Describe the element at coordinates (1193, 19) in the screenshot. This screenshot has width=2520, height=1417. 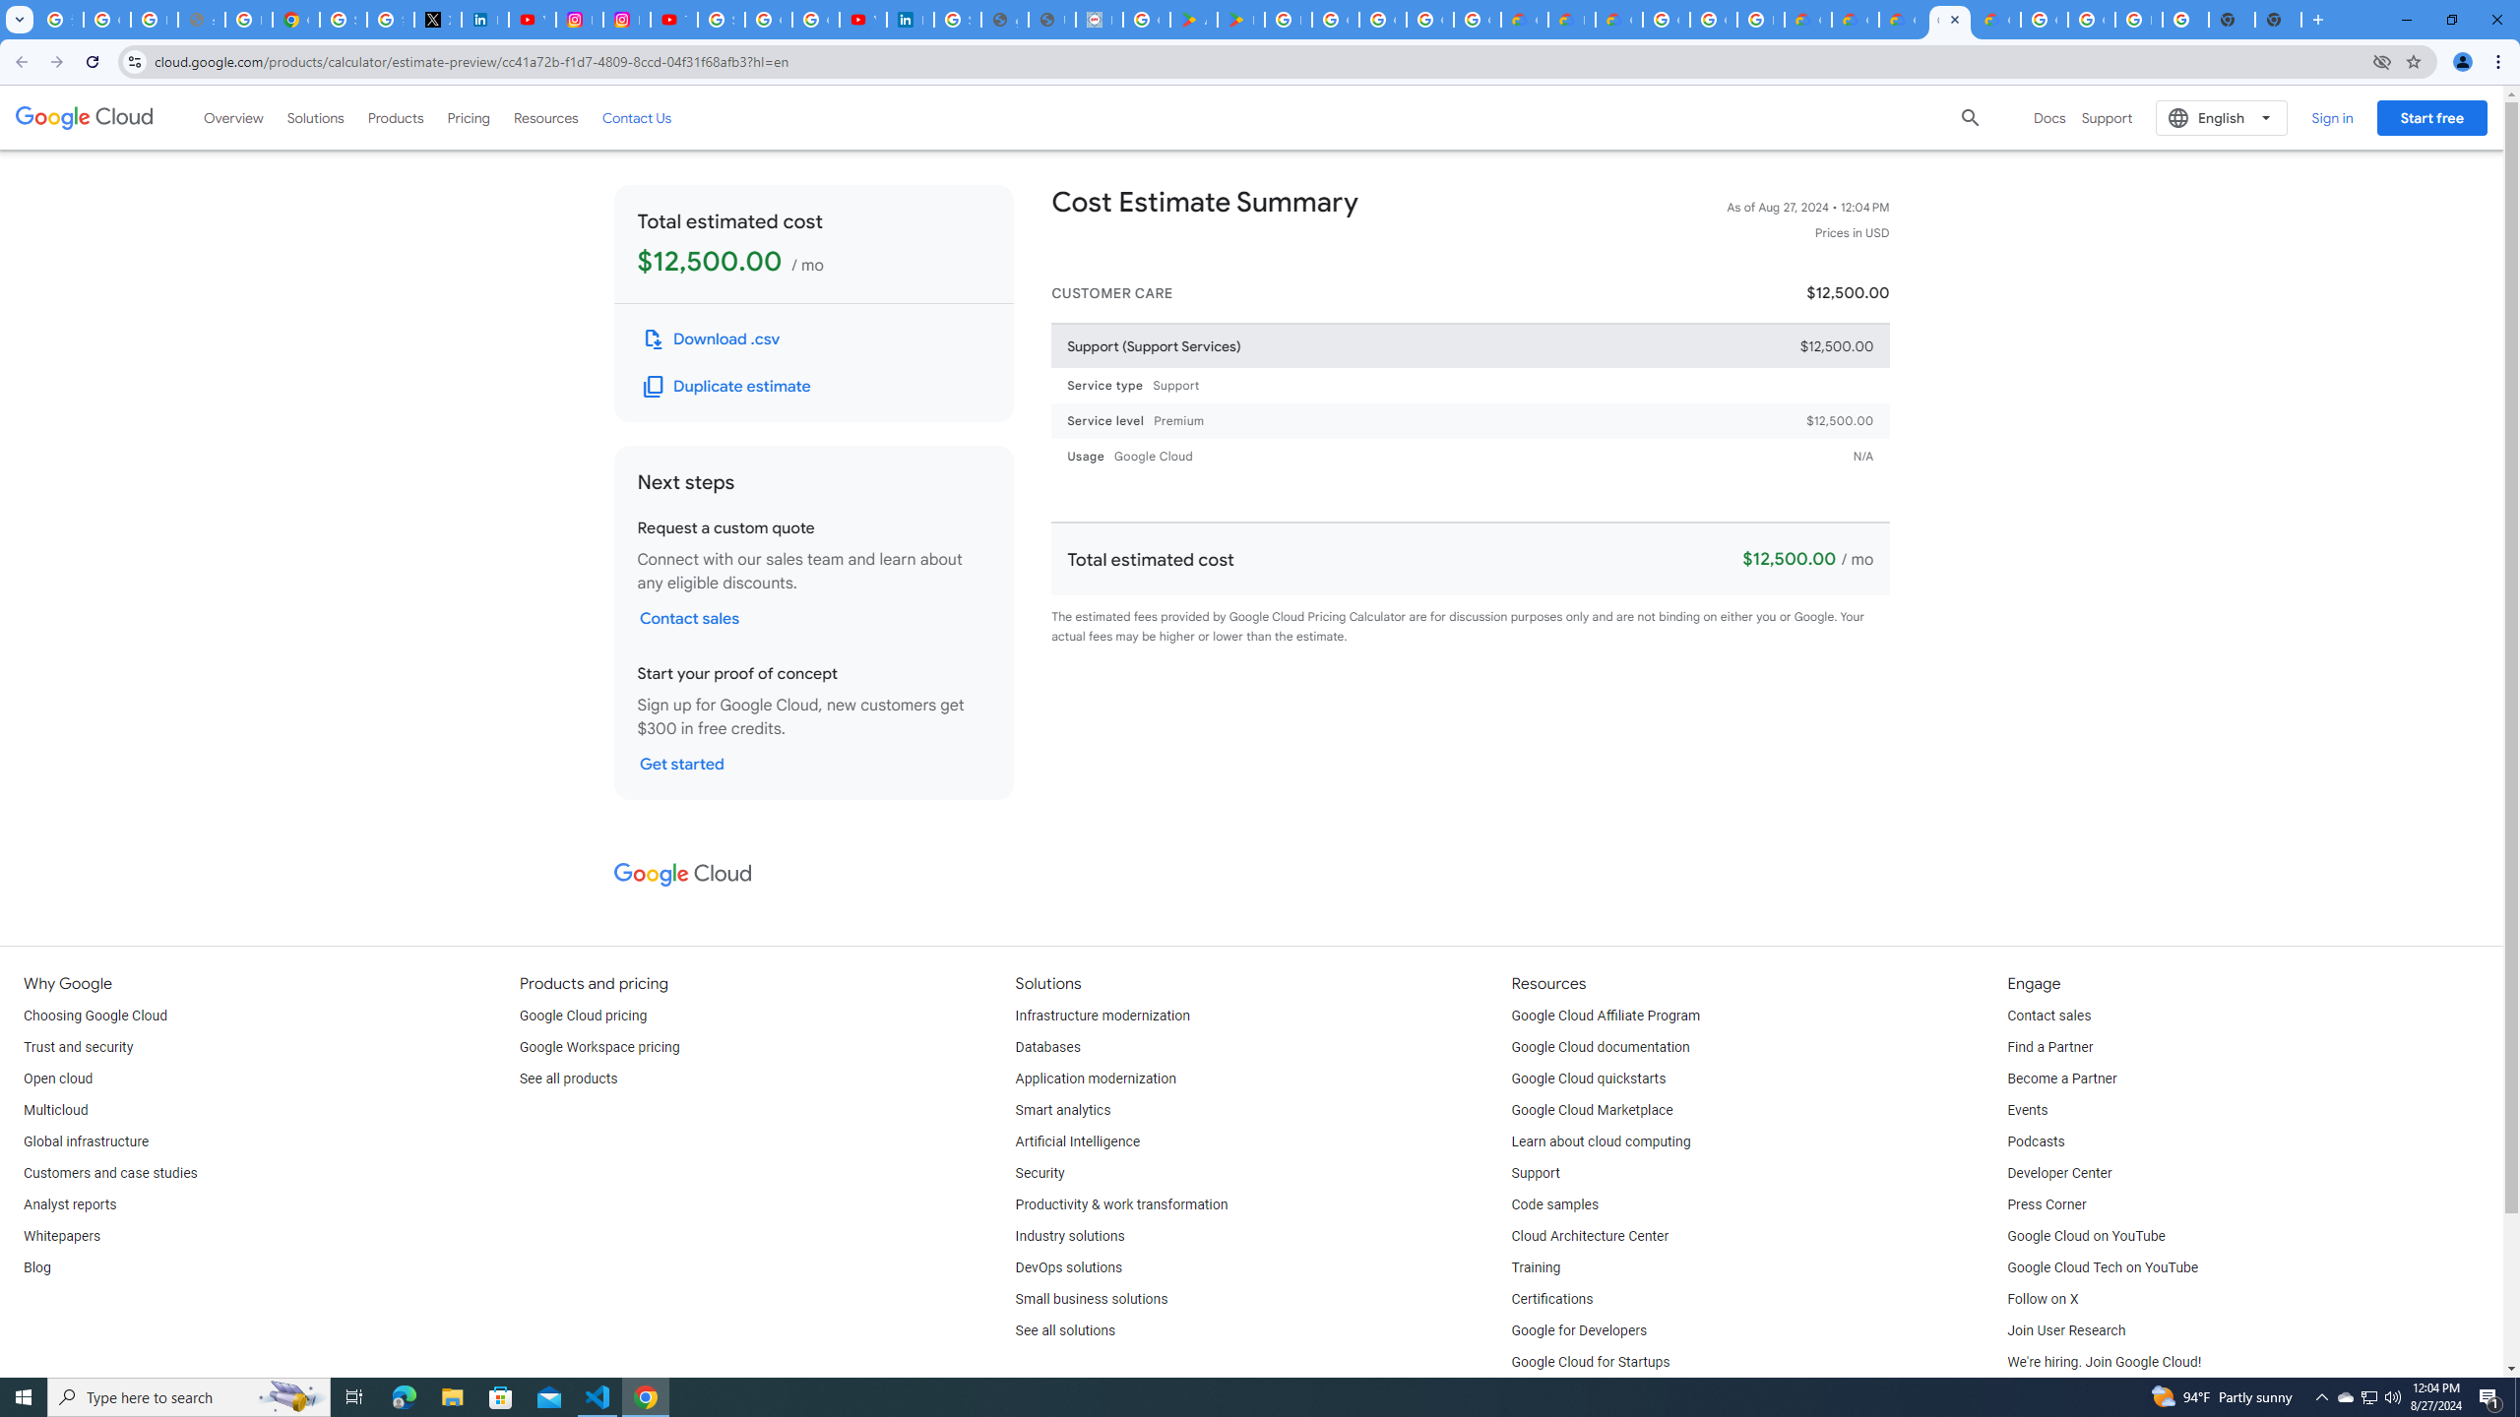
I see `'Android Apps on Google Play'` at that location.